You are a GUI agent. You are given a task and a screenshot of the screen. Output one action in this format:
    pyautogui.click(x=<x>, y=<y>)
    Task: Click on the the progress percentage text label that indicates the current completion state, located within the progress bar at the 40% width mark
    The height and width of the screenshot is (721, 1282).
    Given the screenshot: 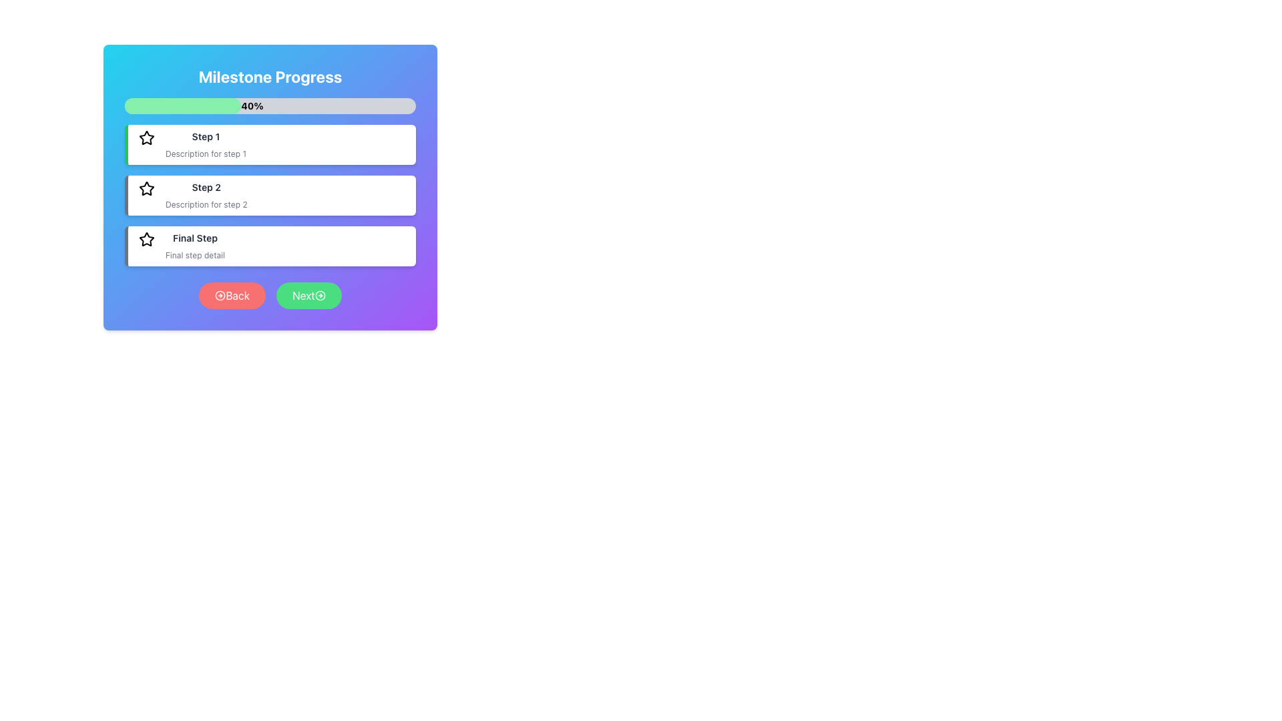 What is the action you would take?
    pyautogui.click(x=252, y=105)
    